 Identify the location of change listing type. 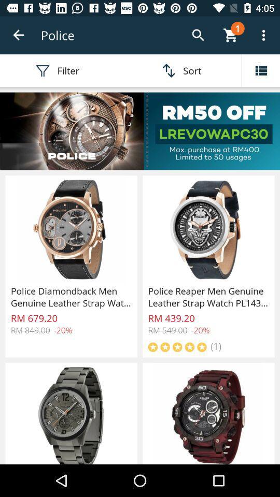
(260, 70).